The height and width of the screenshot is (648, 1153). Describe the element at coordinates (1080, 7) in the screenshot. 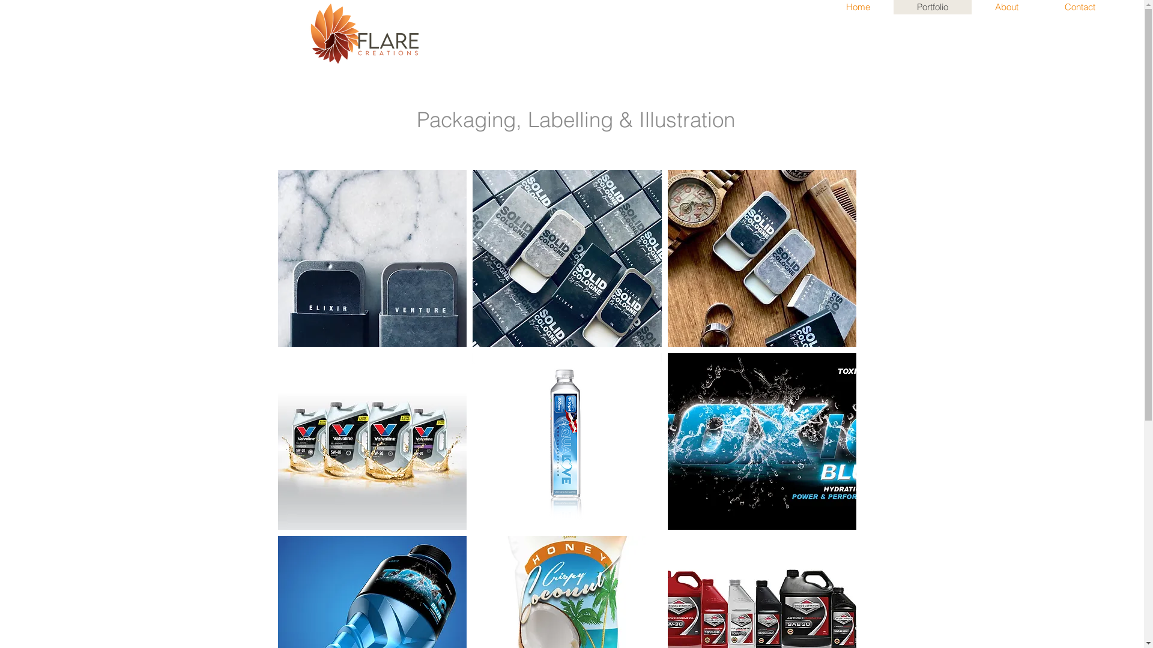

I see `'Contact'` at that location.